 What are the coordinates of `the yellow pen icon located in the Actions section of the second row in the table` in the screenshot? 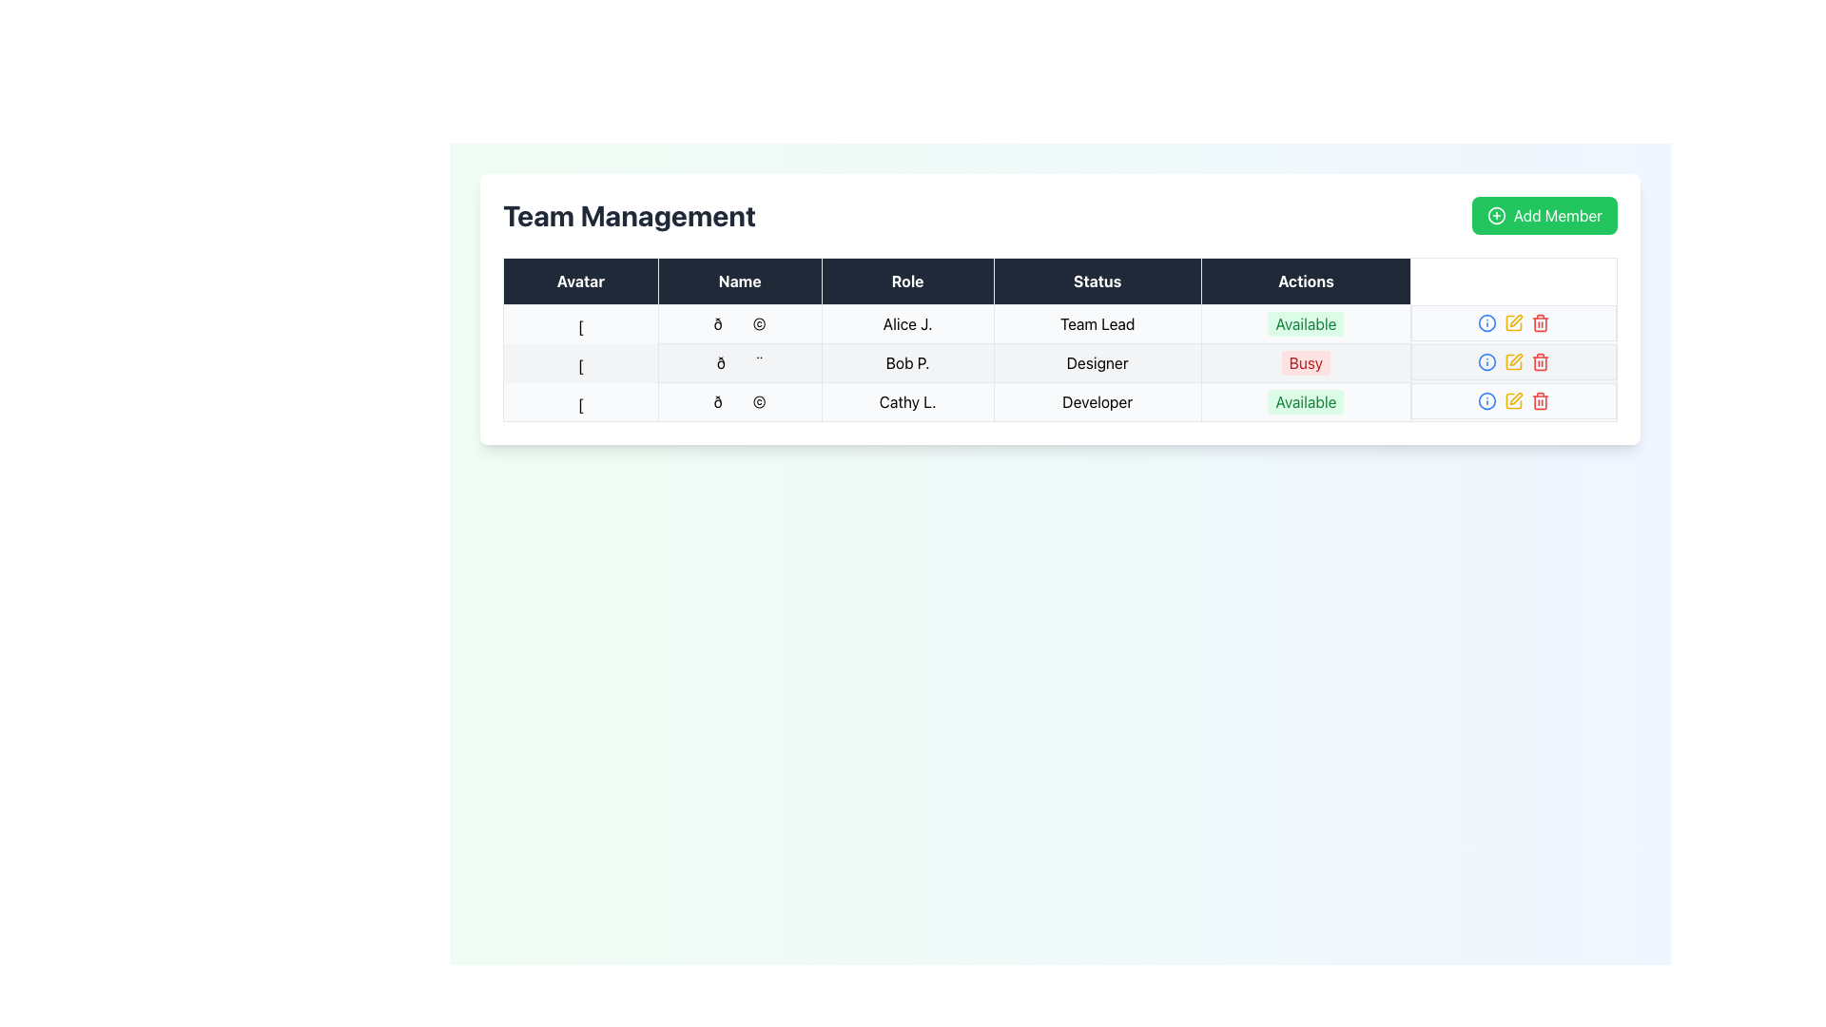 It's located at (1513, 361).